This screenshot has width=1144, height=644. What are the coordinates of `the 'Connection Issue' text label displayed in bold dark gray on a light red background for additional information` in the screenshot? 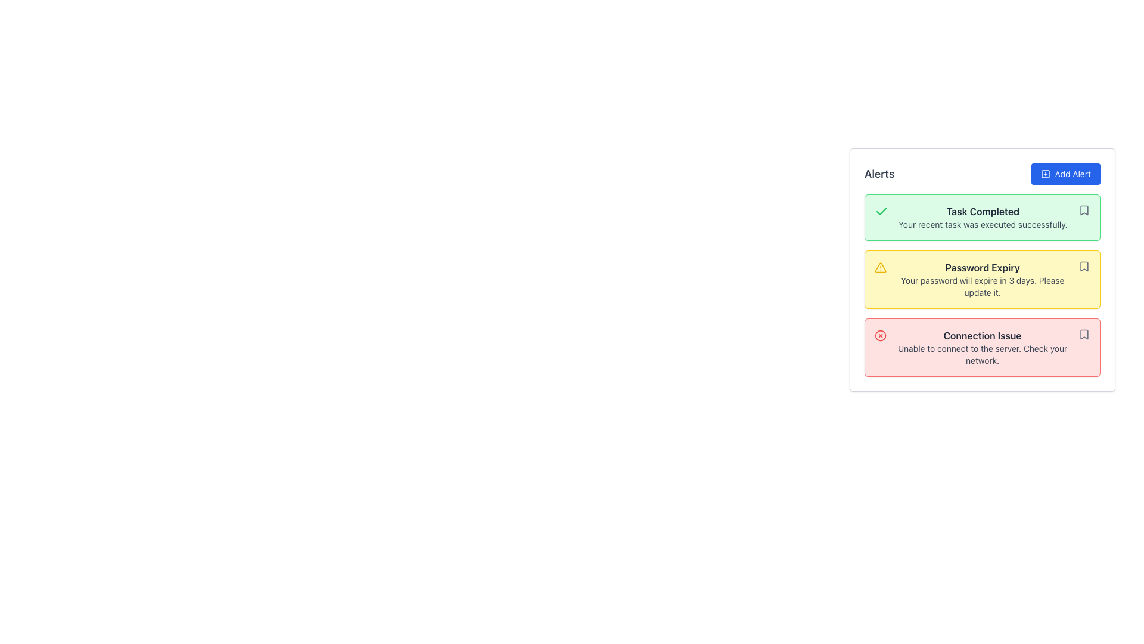 It's located at (983, 336).